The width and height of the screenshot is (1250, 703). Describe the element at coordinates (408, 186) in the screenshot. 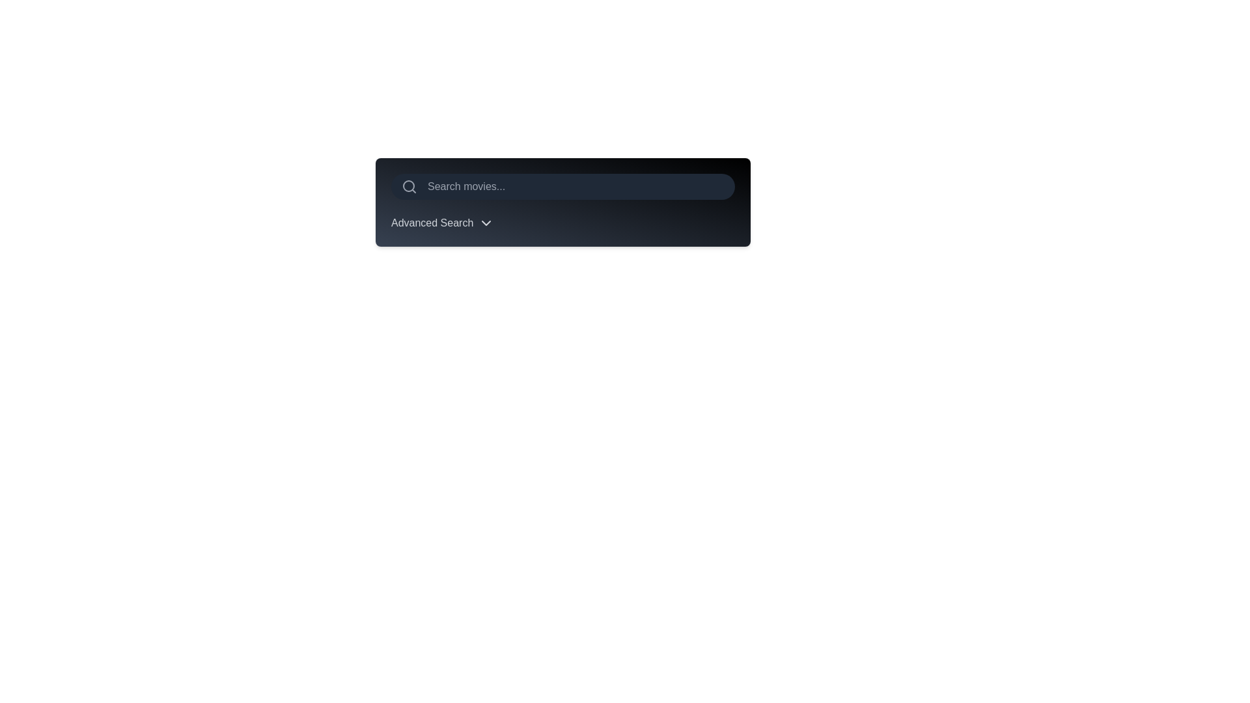

I see `the search icon located at the far left of the search bar, adjacent to the 'Search movies...' input field` at that location.